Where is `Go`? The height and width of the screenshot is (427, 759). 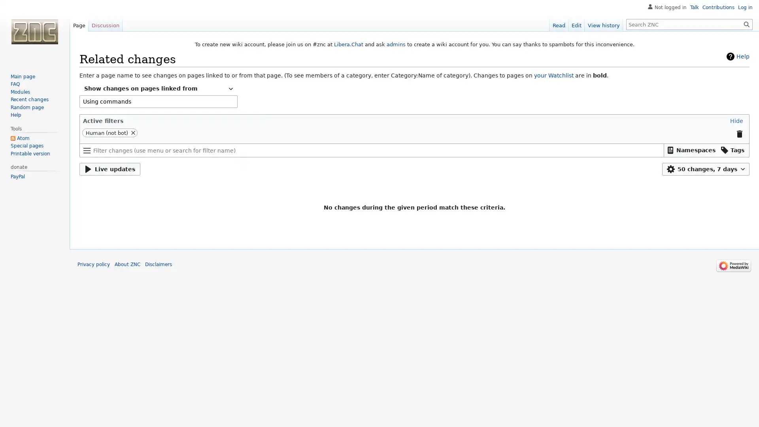 Go is located at coordinates (746, 24).